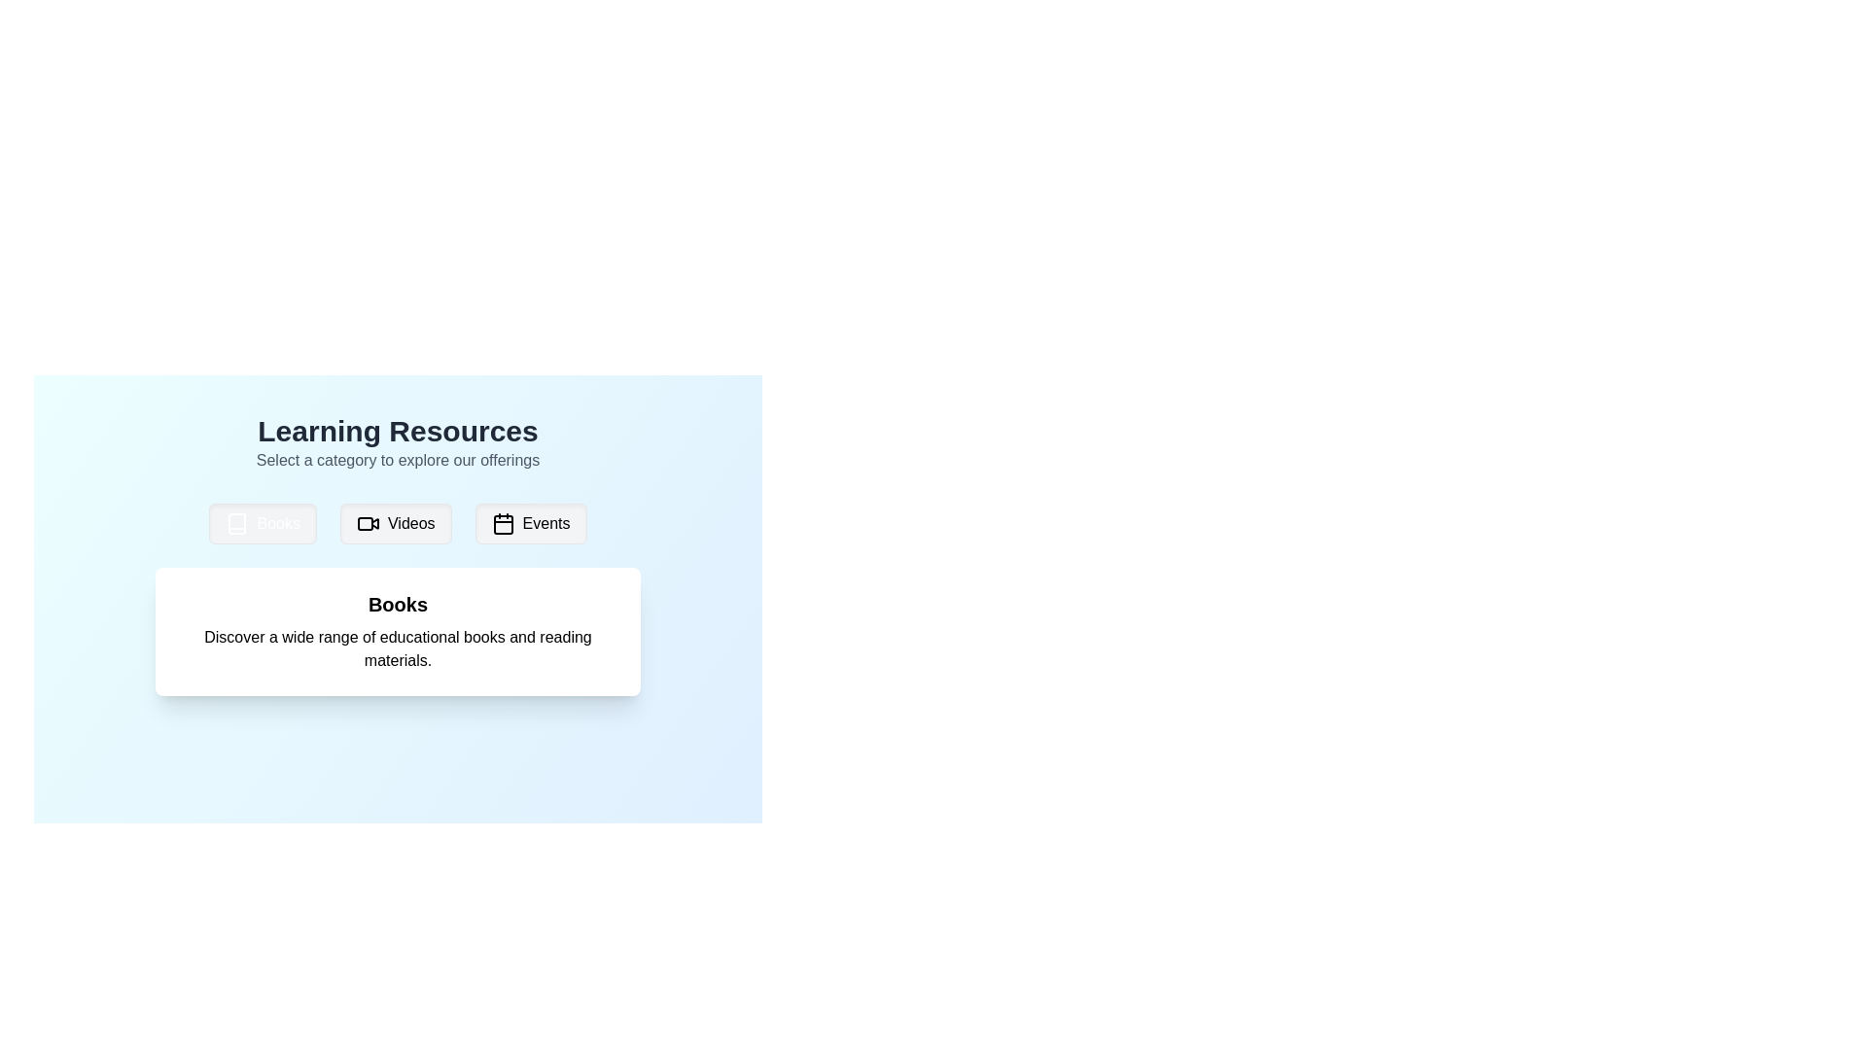  What do you see at coordinates (369, 523) in the screenshot?
I see `the video icon represented by a rectangle with a triangular play button, located in the center of the button labeled 'Videos', which is in the middle of three buttons under 'Learning Resources'` at bounding box center [369, 523].